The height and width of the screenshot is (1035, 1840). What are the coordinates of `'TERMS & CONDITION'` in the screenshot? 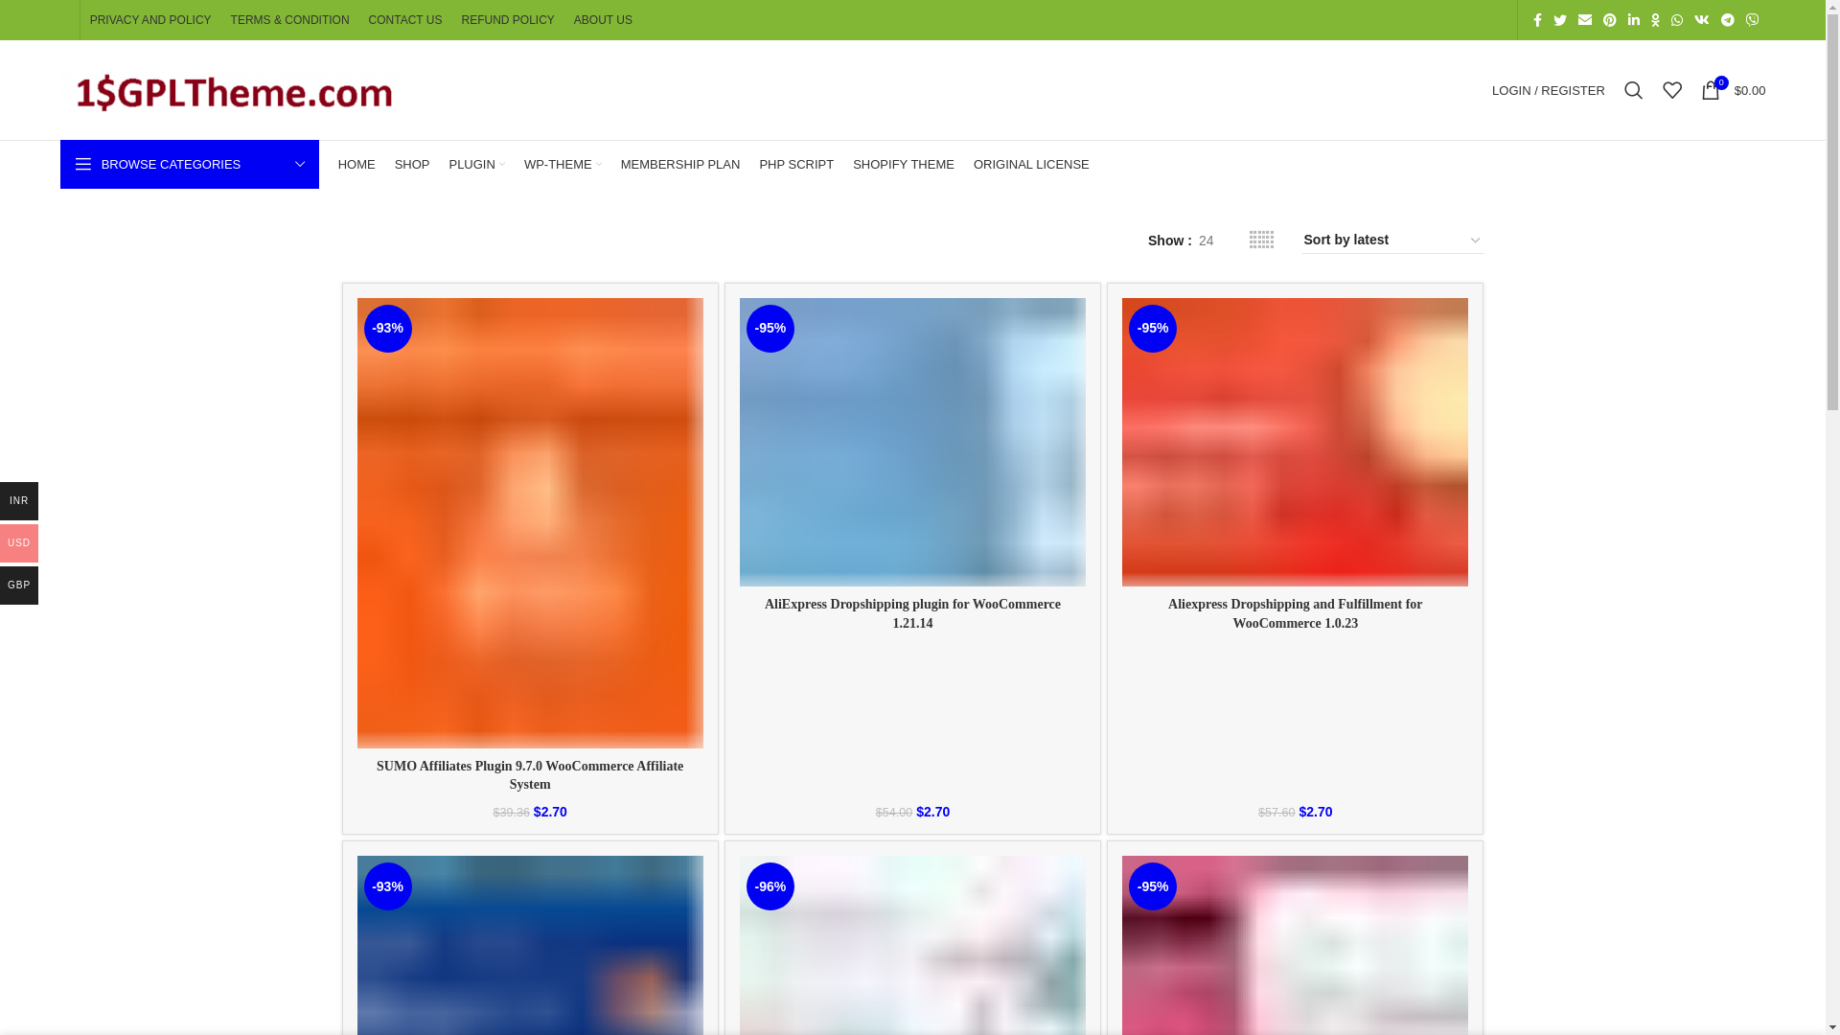 It's located at (288, 19).